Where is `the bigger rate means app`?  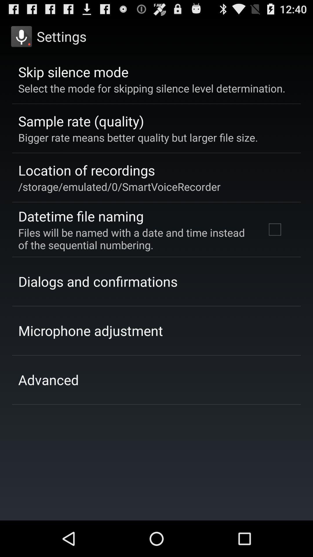 the bigger rate means app is located at coordinates (138, 137).